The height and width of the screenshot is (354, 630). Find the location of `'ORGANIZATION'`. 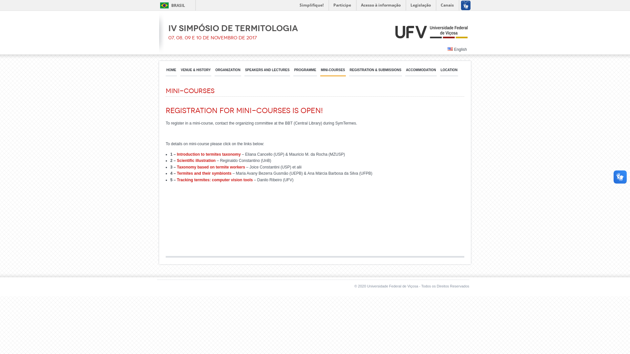

'ORGANIZATION' is located at coordinates (228, 72).